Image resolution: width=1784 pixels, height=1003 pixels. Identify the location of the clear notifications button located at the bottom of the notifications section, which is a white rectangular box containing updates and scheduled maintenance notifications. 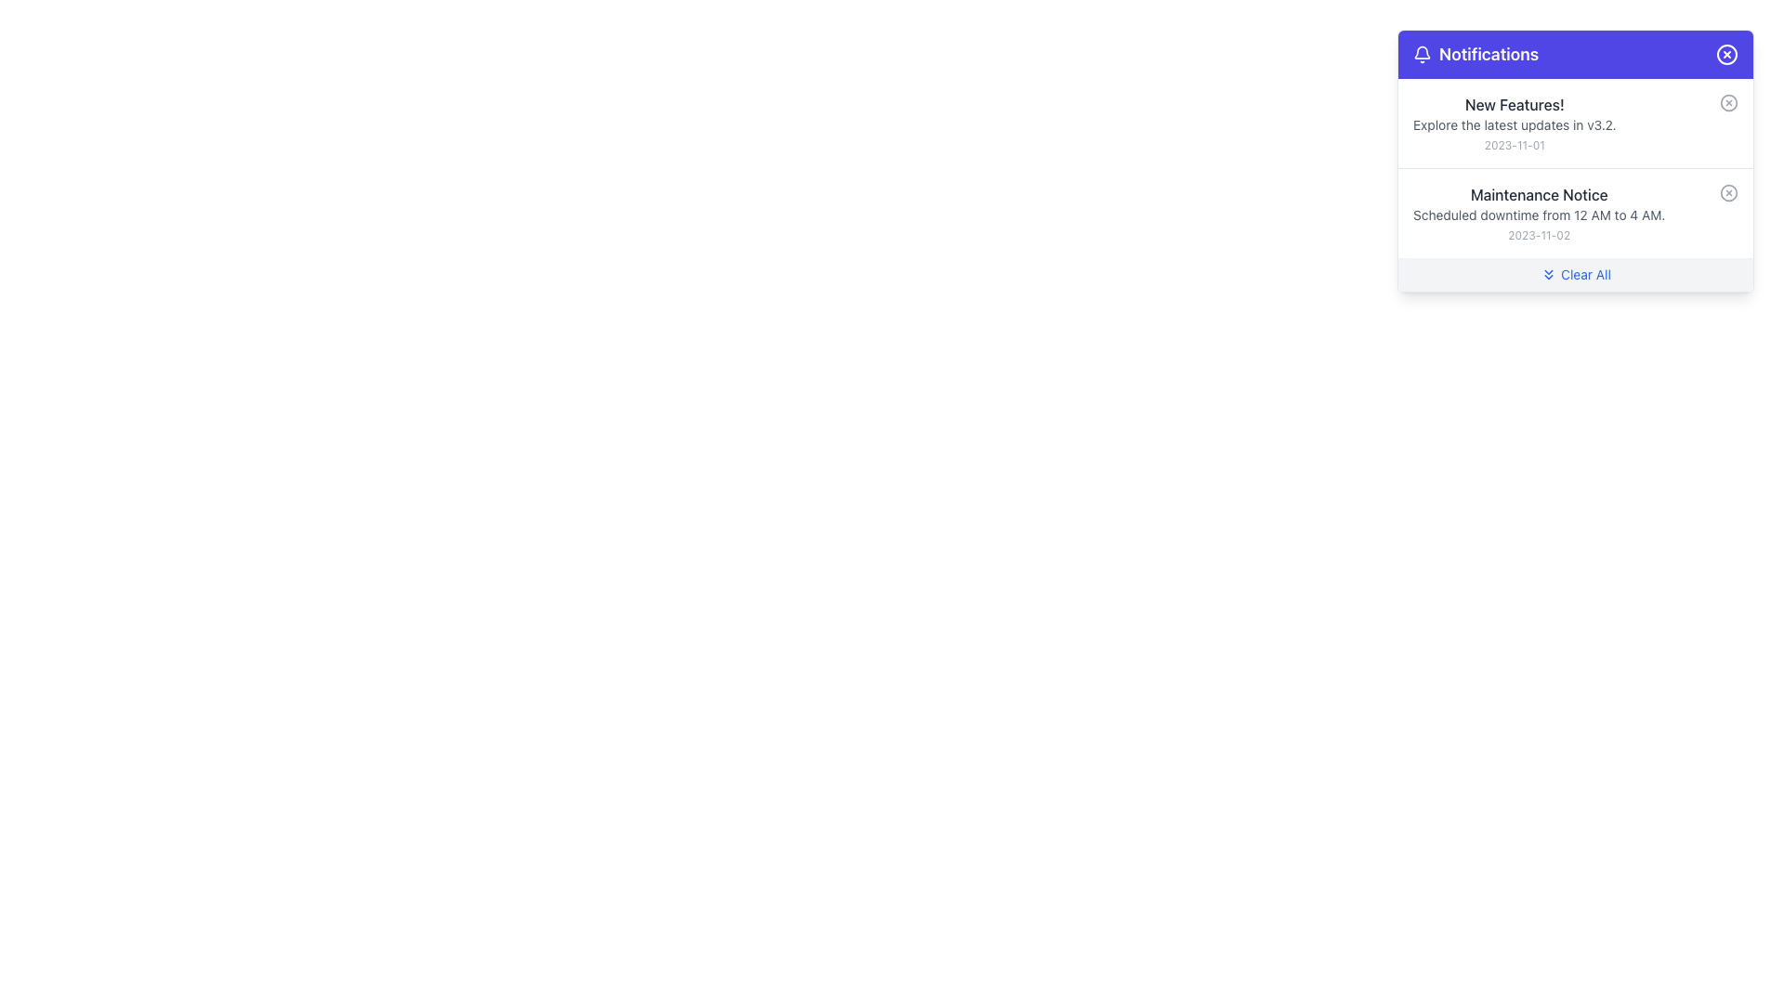
(1574, 275).